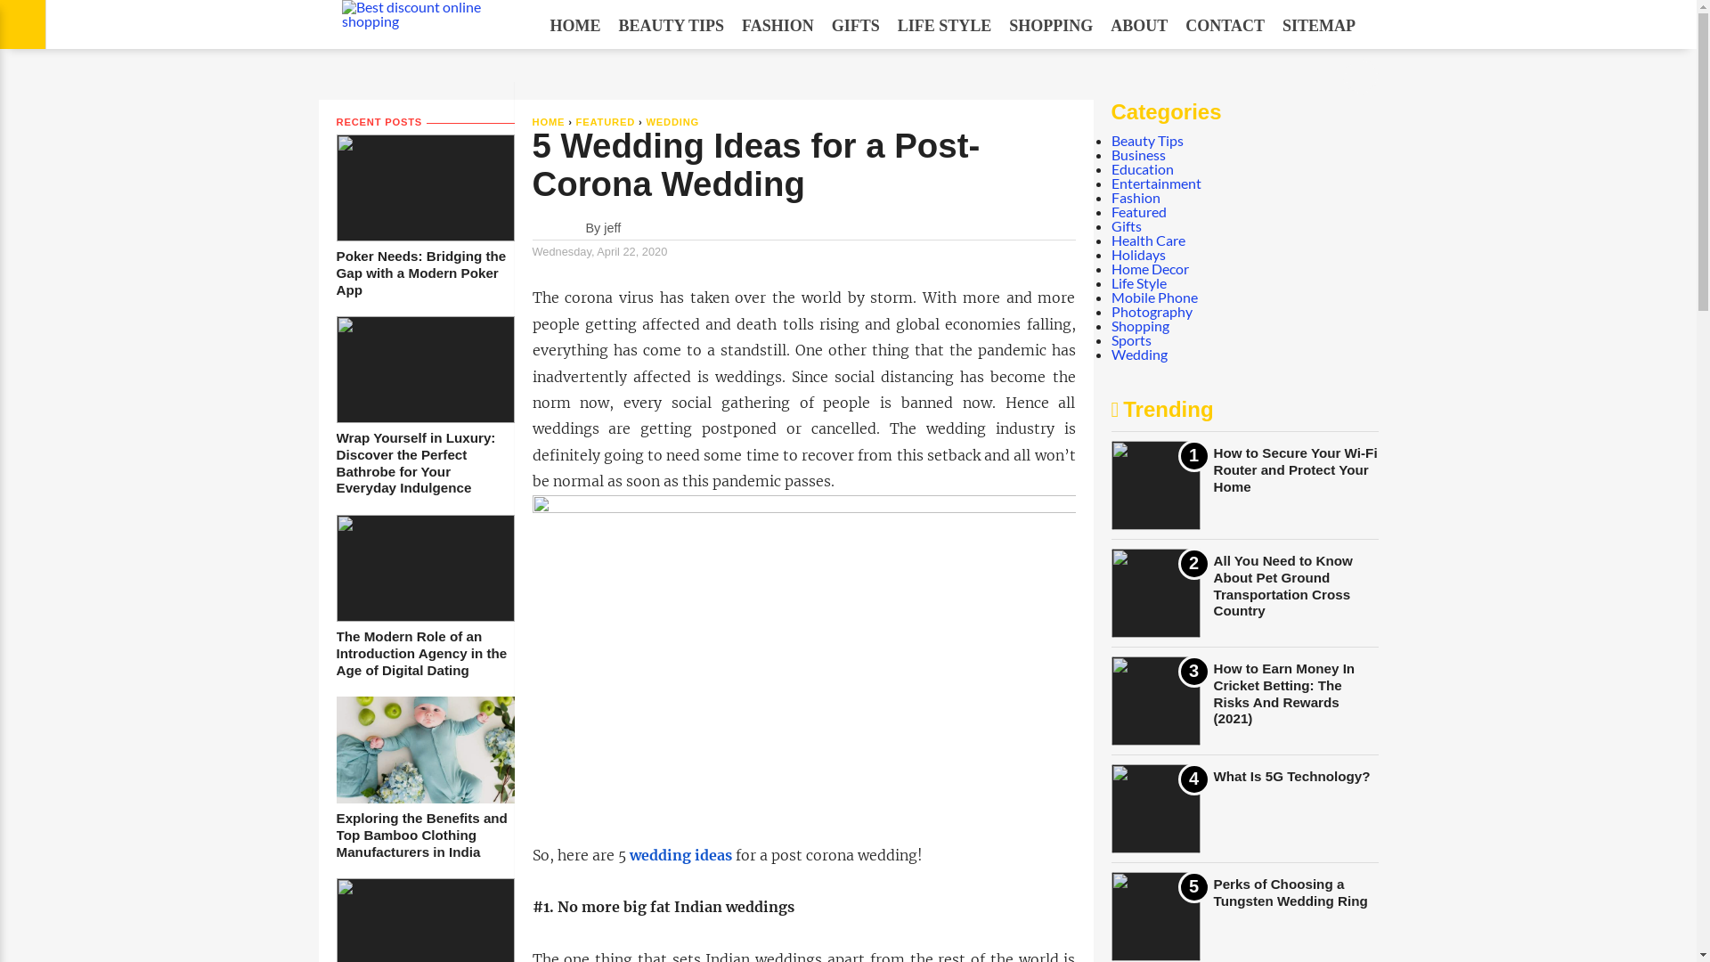  What do you see at coordinates (532, 121) in the screenshot?
I see `'HOME'` at bounding box center [532, 121].